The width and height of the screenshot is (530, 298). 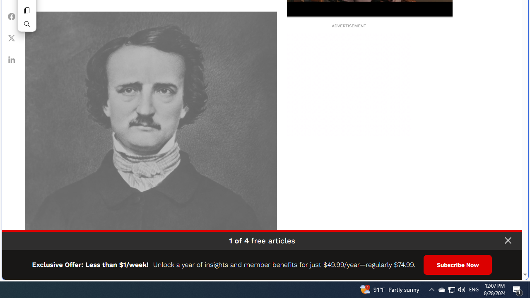 What do you see at coordinates (151, 137) in the screenshot?
I see `'Portrait of Edgar Allan Poe.'` at bounding box center [151, 137].